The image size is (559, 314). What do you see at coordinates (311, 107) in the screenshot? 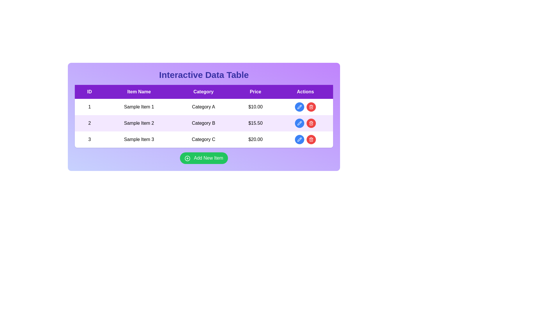
I see `the interaction of the trash bin icon located in the 'Actions' column of the third row in the data table, specifically beneath the lid part of the icon` at bounding box center [311, 107].